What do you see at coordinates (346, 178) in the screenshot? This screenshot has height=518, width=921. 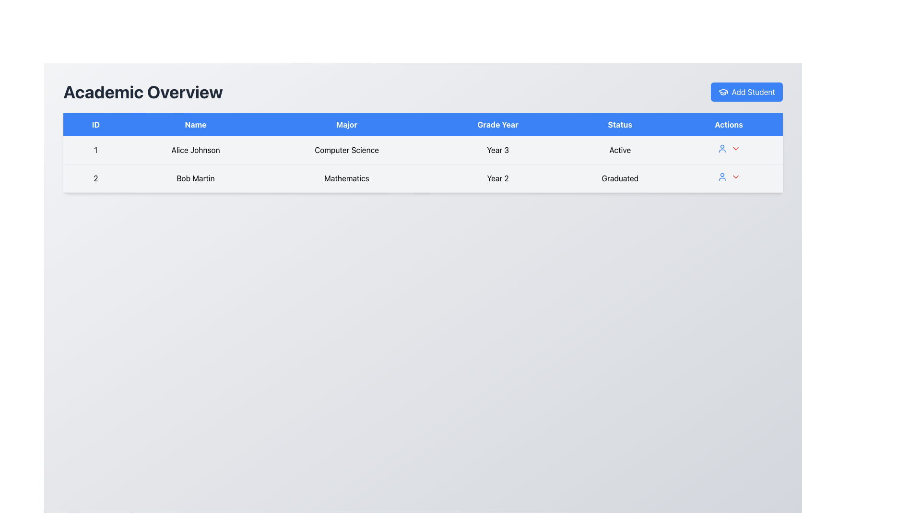 I see `the static text label displaying 'Mathematics' in the second data row of the table under the 'Major' column, positioned between 'Bob Martin' and 'Year 2'` at bounding box center [346, 178].